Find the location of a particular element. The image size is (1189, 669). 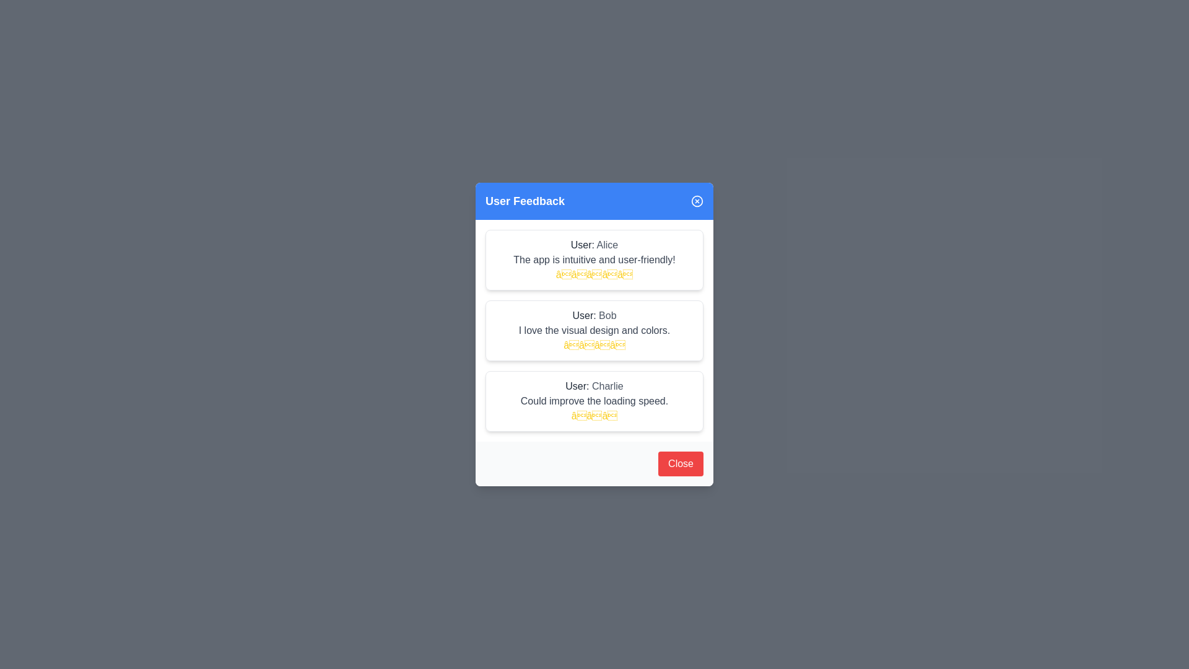

the 'Close' button in the footer of the dialog is located at coordinates (680, 463).